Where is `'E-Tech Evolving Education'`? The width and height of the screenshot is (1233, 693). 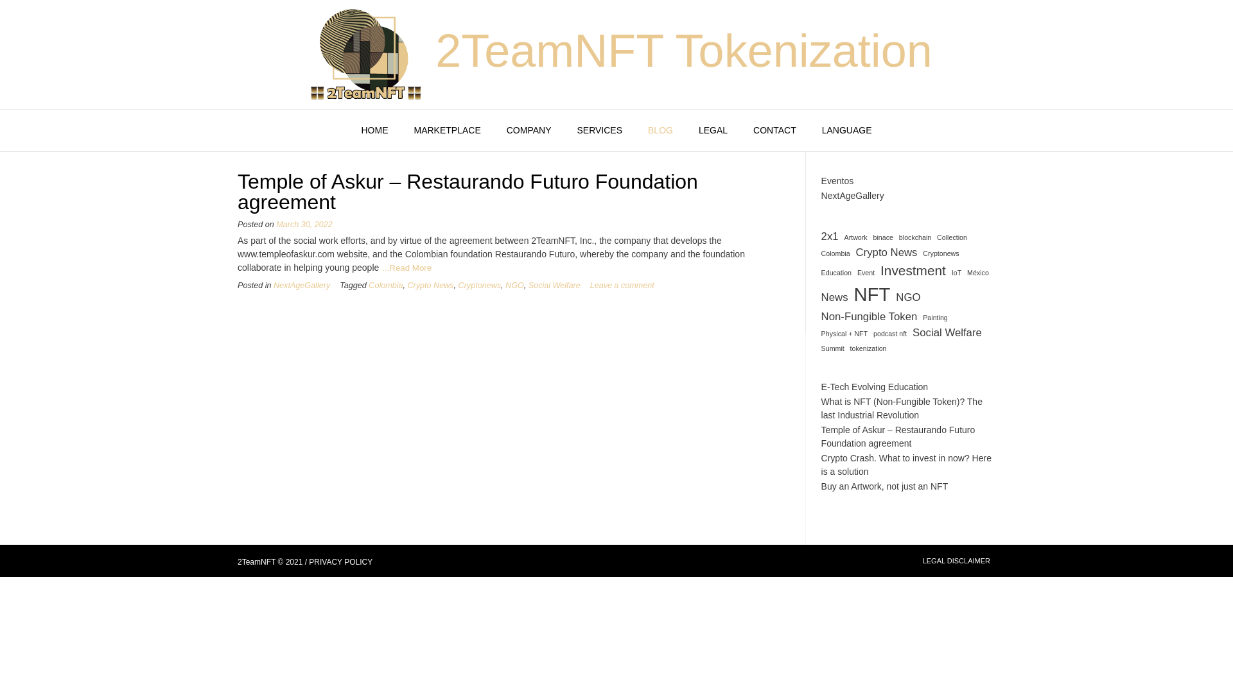
'E-Tech Evolving Education' is located at coordinates (874, 386).